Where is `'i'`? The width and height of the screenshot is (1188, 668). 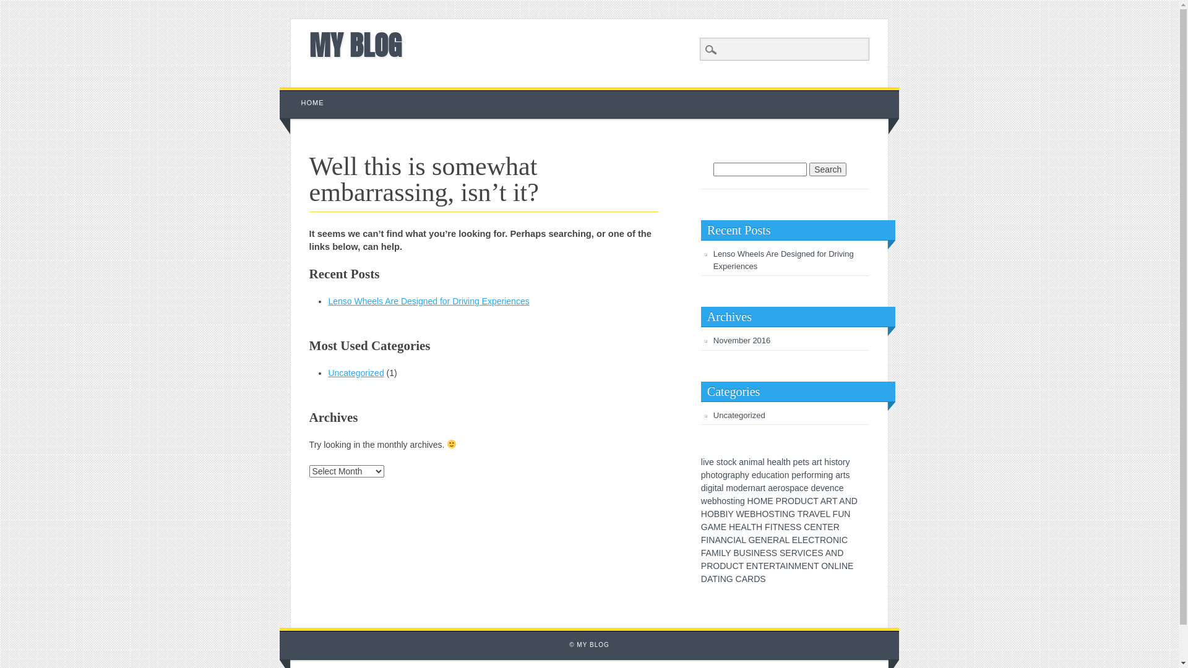 'i' is located at coordinates (830, 462).